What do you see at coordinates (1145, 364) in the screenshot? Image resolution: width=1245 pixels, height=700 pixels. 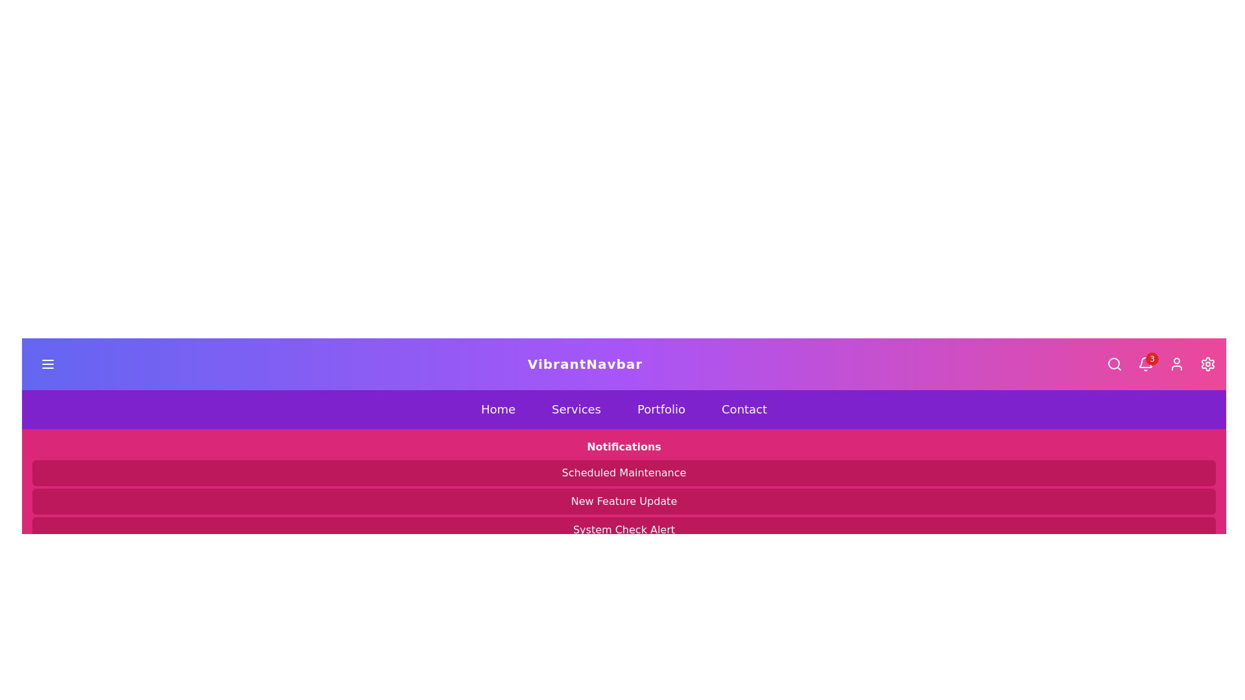 I see `the notification icon located in the top-right corner of the navigation bar` at bounding box center [1145, 364].